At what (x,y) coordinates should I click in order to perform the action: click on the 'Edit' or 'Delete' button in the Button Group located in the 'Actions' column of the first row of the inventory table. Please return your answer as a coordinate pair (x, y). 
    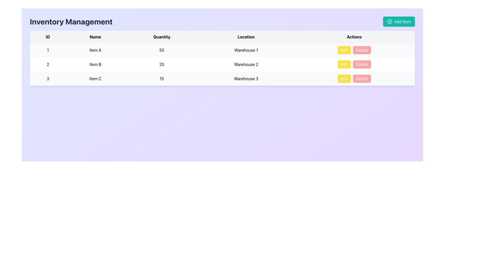
    Looking at the image, I should click on (354, 50).